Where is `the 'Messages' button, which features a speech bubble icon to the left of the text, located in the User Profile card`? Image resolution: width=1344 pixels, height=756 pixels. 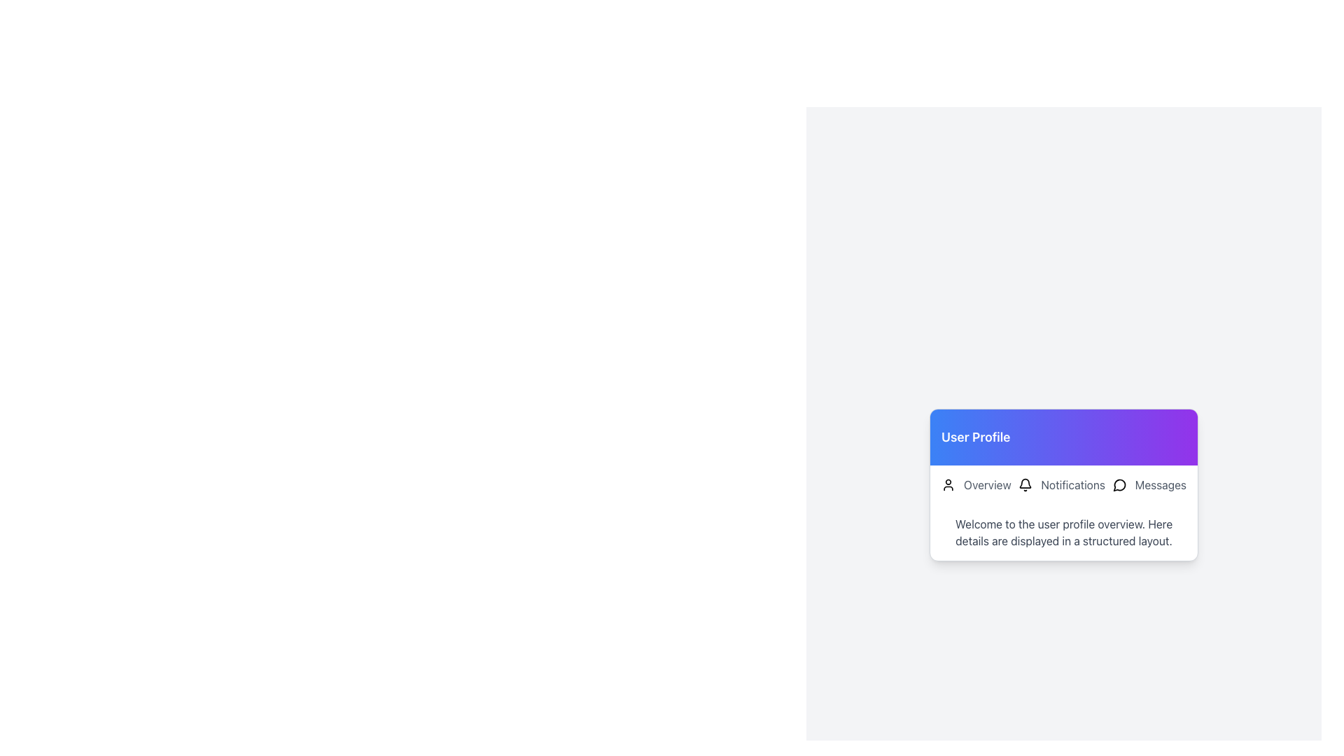
the 'Messages' button, which features a speech bubble icon to the left of the text, located in the User Profile card is located at coordinates (1149, 484).